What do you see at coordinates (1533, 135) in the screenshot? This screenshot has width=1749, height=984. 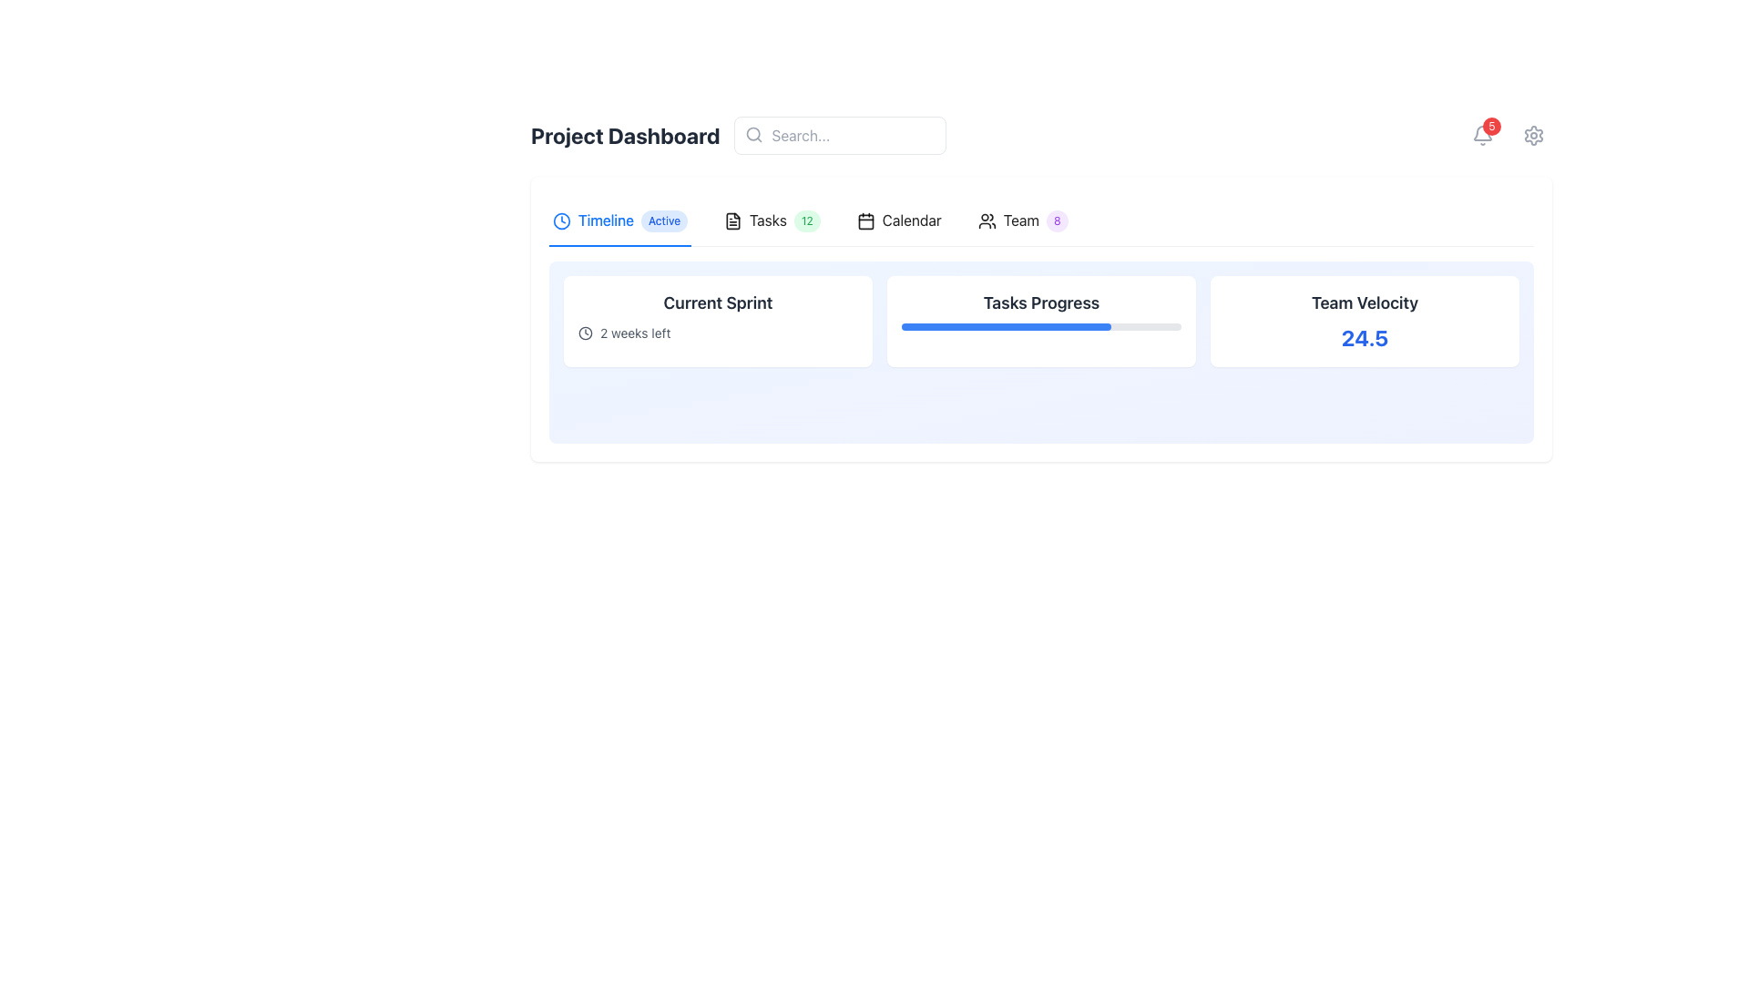 I see `the gear-shaped icon in the top-right corner of the interface` at bounding box center [1533, 135].